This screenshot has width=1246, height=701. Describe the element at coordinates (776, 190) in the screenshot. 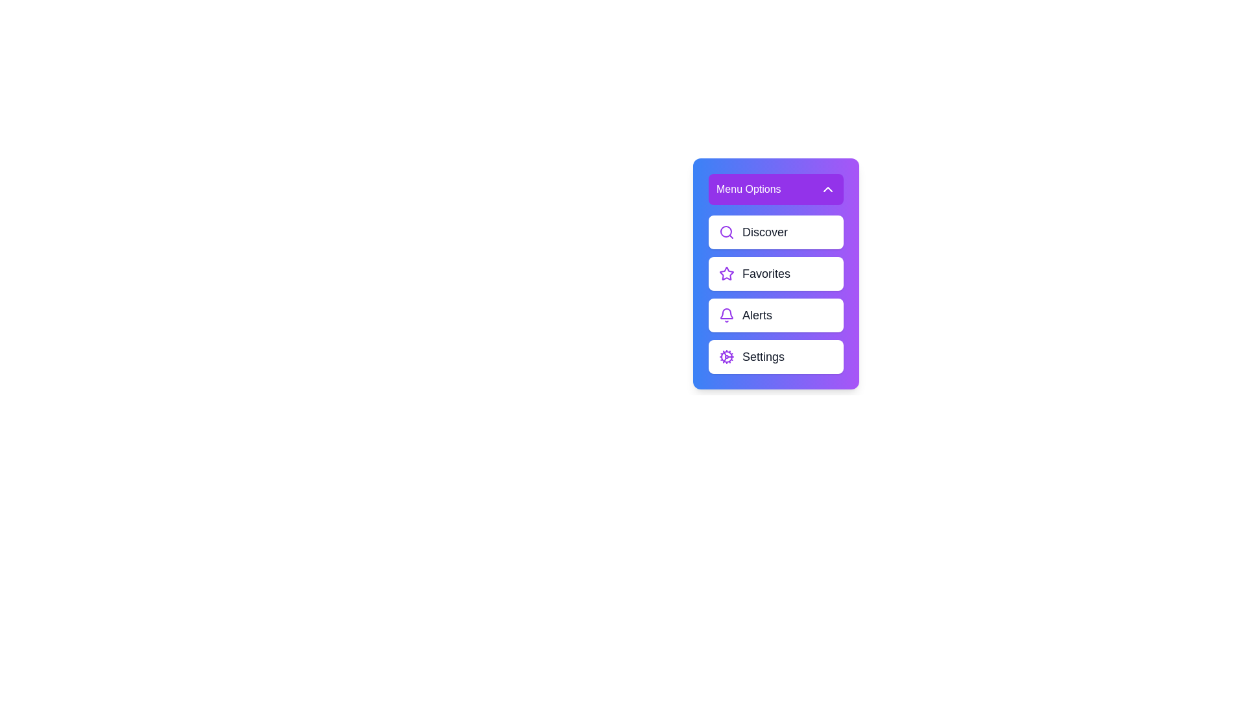

I see `the collapsible header button at the top of the vertical menu card` at that location.